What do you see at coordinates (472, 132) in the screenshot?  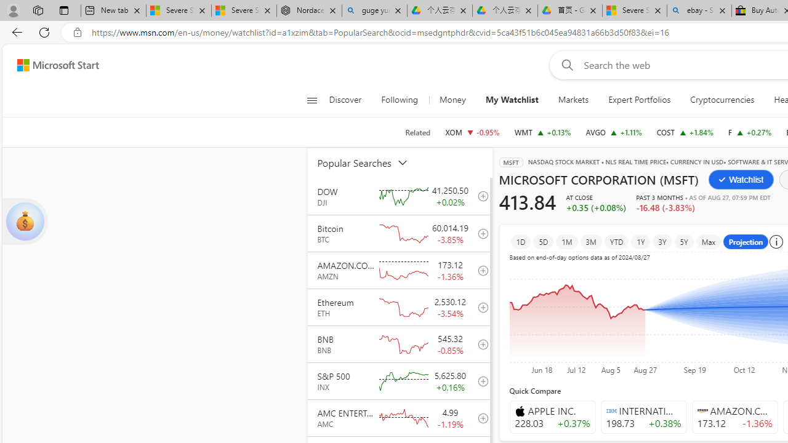 I see `'XOM EXXON MOBIL CORPORATION decrease 117.68 -1.13 -0.95%'` at bounding box center [472, 132].